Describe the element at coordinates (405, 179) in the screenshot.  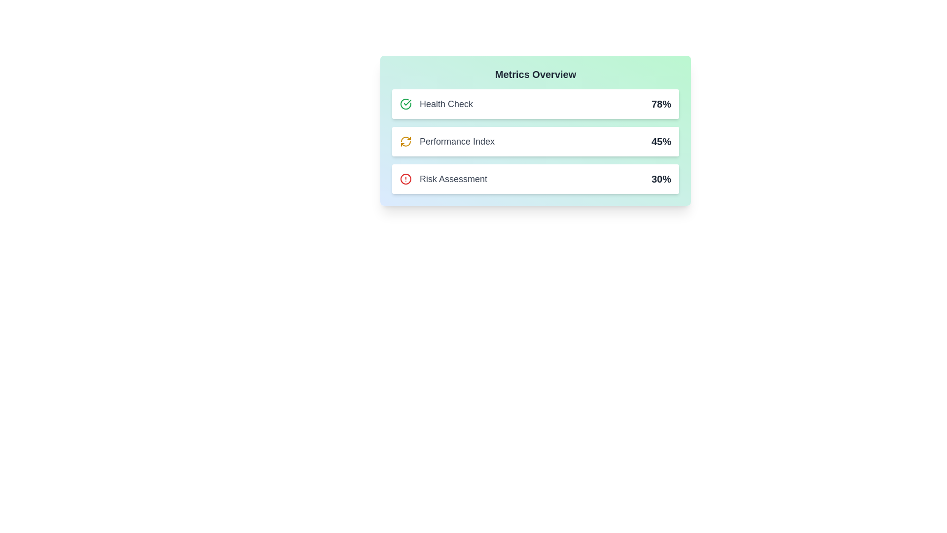
I see `the warning indicator icon associated with the 'Risk Assessment' label, which is the third icon in the vertical sequence under 'Metrics Overview'` at that location.